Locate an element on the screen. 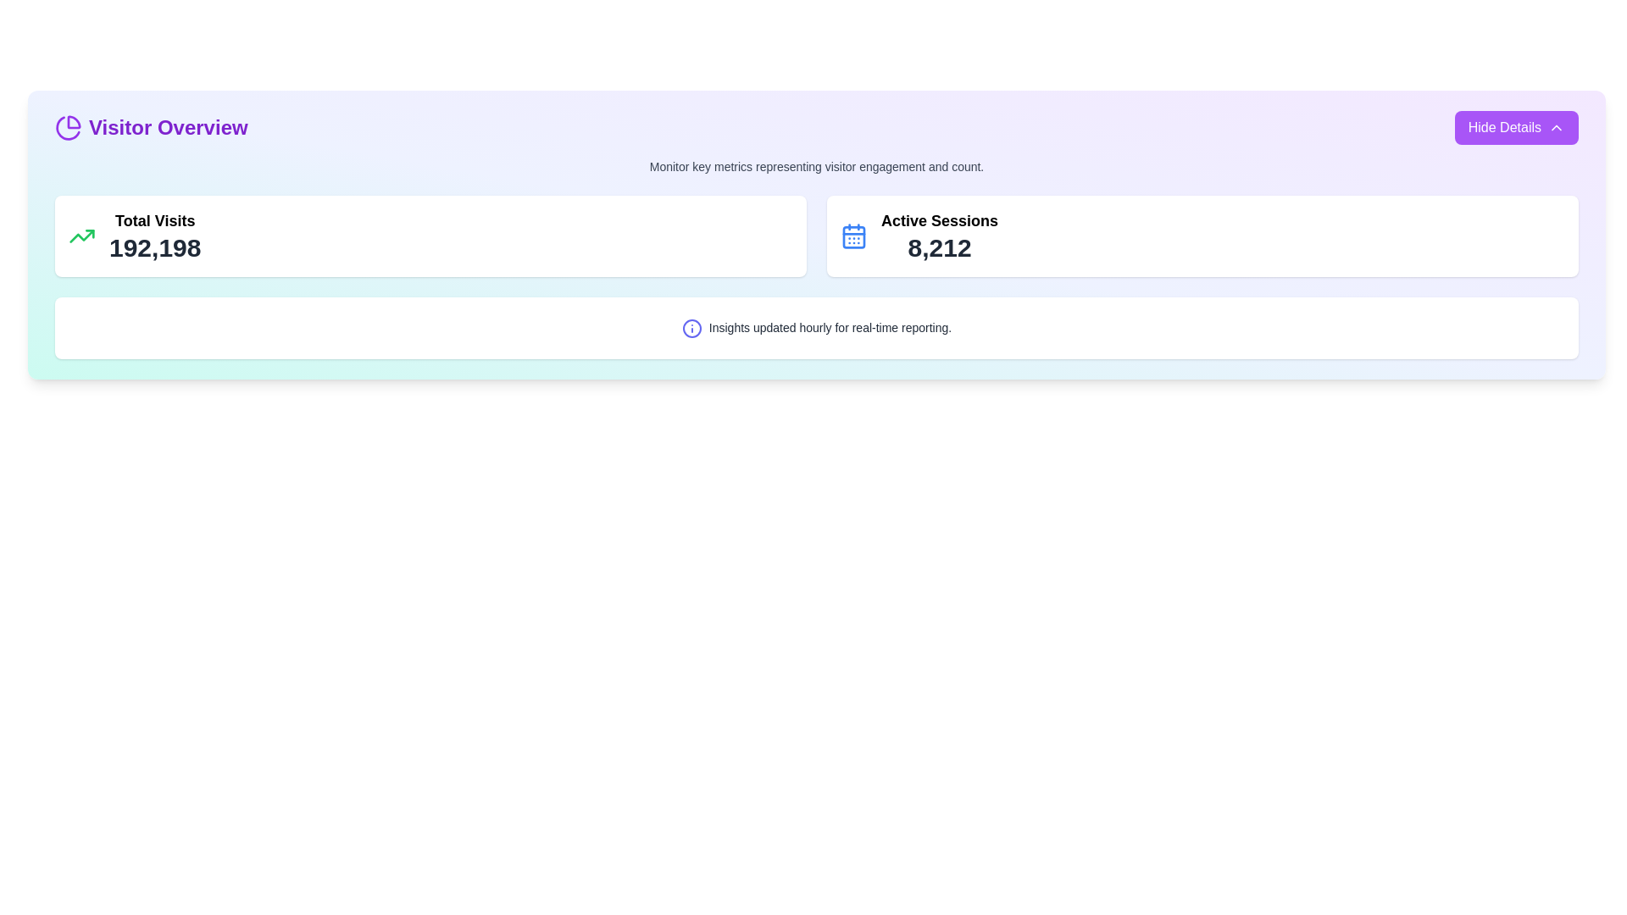 Image resolution: width=1627 pixels, height=915 pixels. the informational icon styled as a circular outline with an 'i' symbol is located at coordinates (691, 328).